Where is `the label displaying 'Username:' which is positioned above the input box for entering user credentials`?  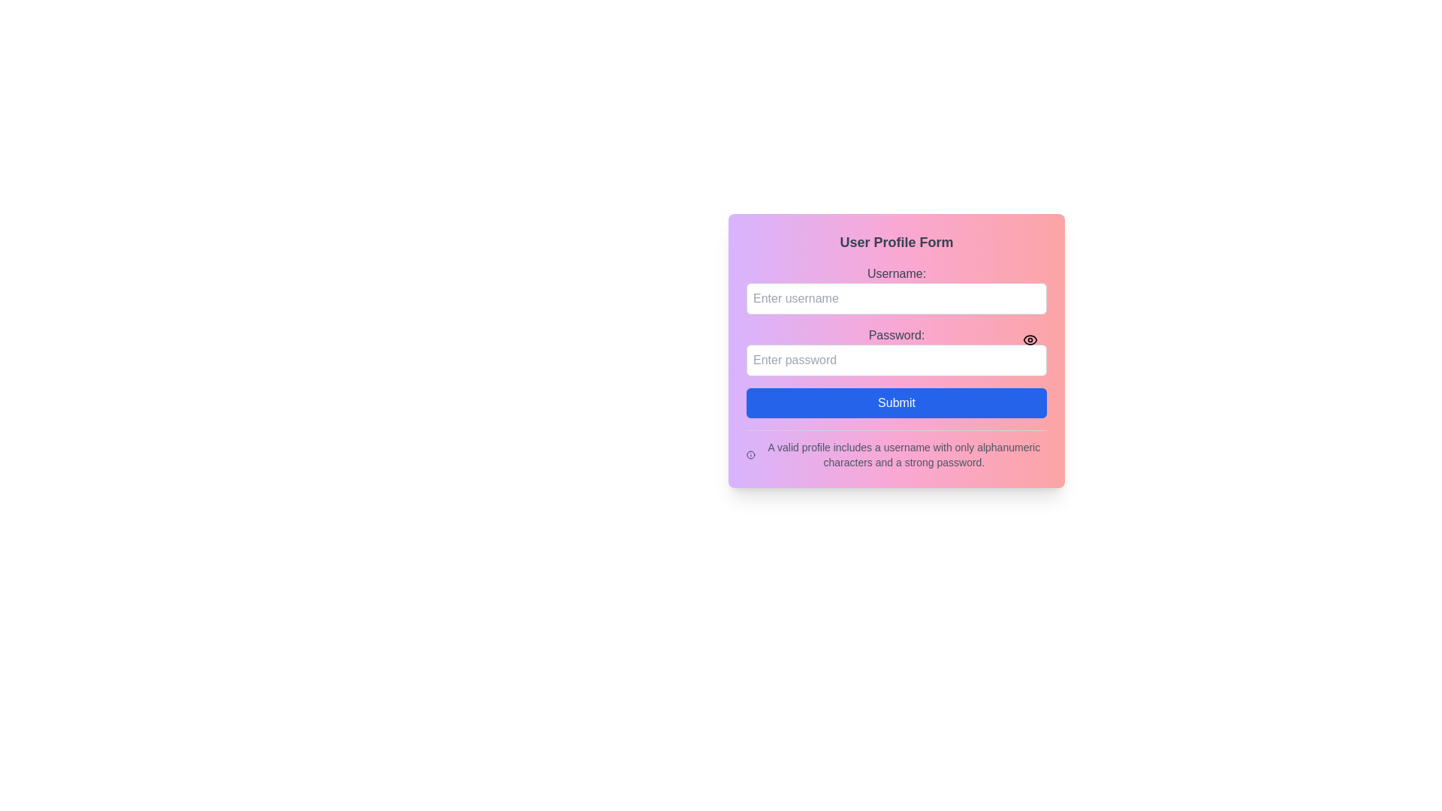
the label displaying 'Username:' which is positioned above the input box for entering user credentials is located at coordinates (897, 274).